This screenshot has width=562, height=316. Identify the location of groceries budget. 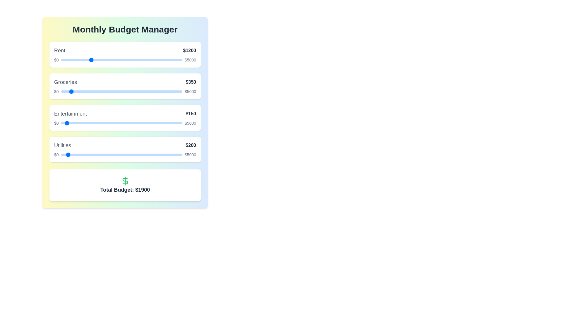
(73, 91).